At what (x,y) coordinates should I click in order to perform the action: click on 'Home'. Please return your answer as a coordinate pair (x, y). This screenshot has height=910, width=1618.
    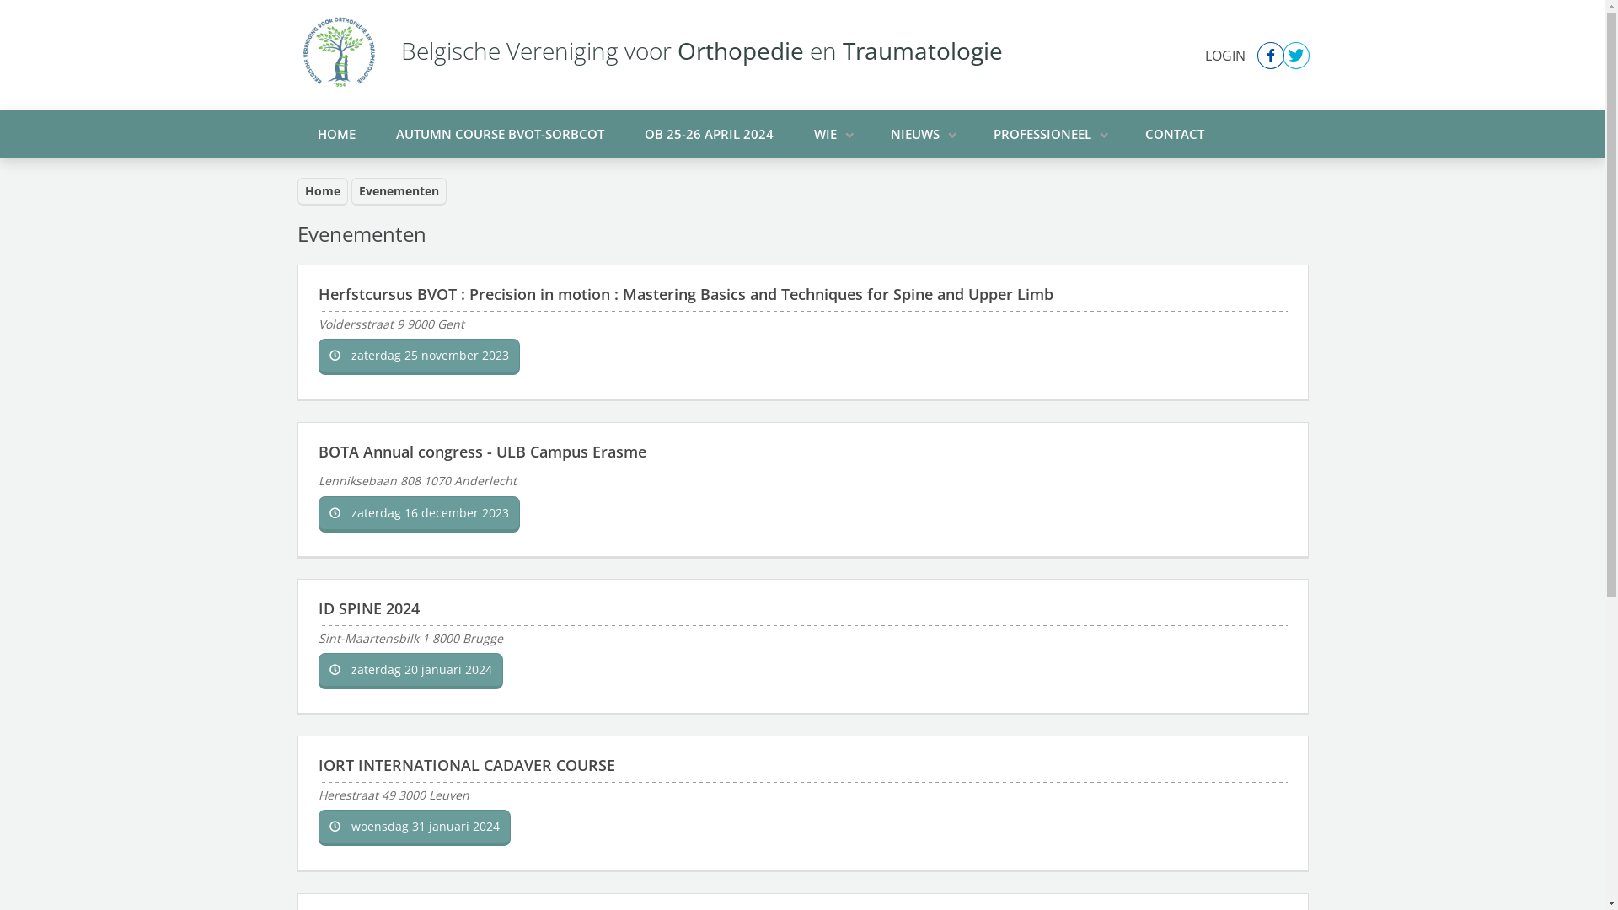
    Looking at the image, I should click on (296, 190).